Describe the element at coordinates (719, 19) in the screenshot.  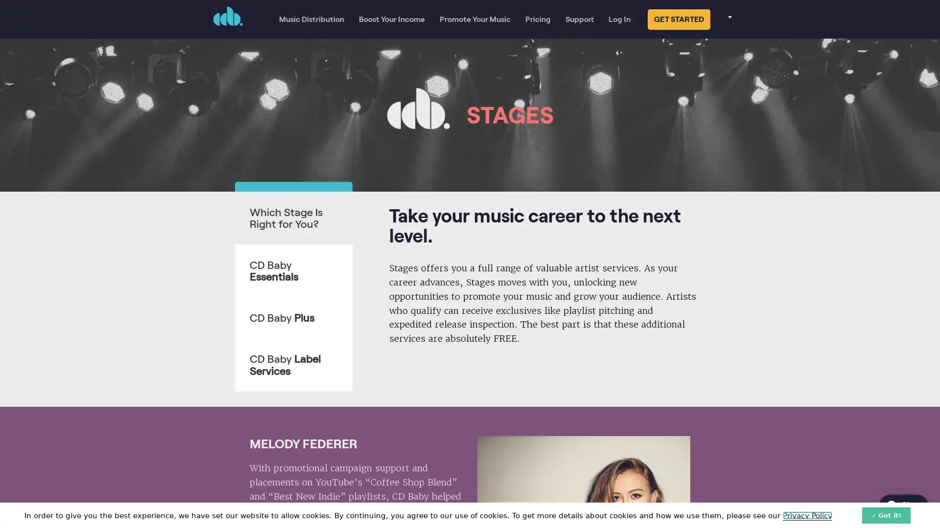
I see `Select your language` at that location.